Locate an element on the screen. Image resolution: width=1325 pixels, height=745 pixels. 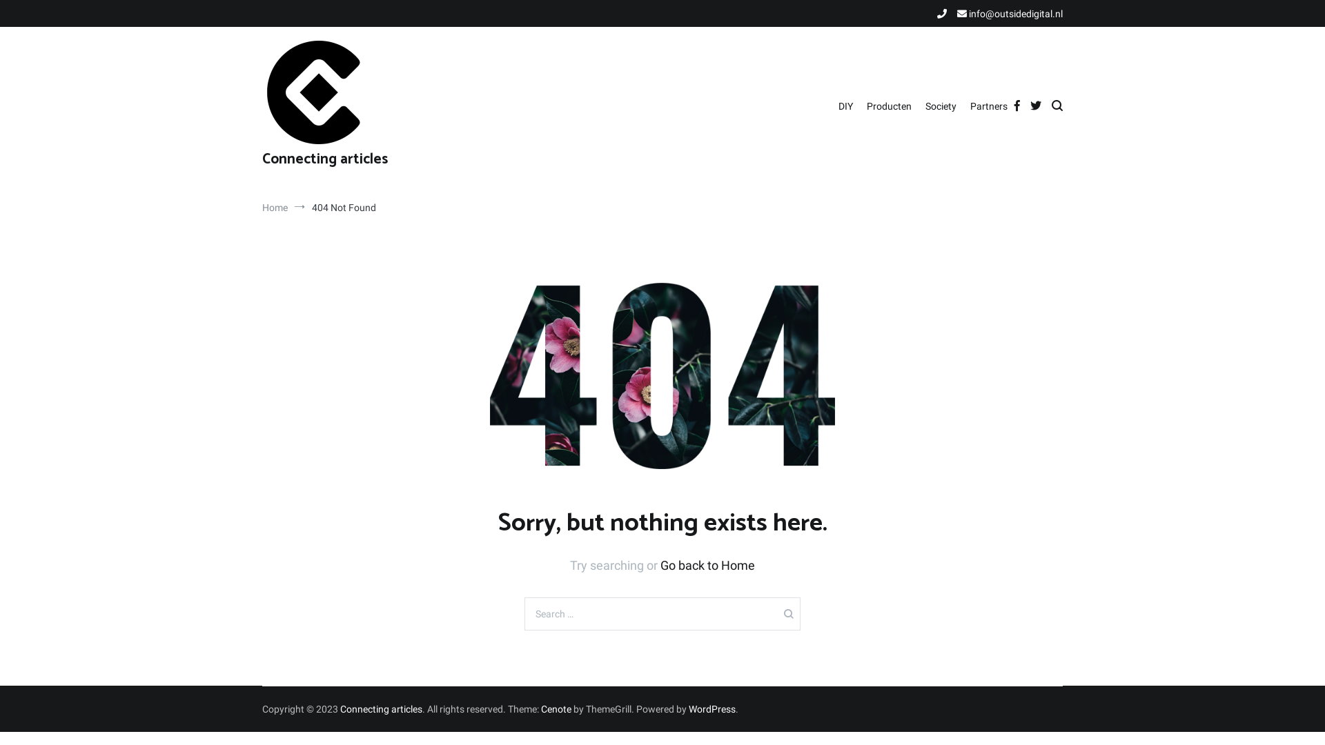
'DIY' is located at coordinates (845, 106).